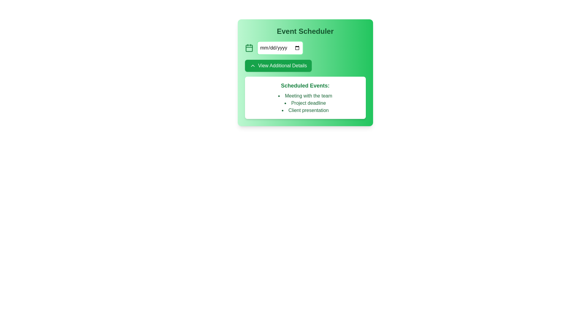  I want to click on the icon located on the left side of the 'View Additional Details' button, so click(253, 66).